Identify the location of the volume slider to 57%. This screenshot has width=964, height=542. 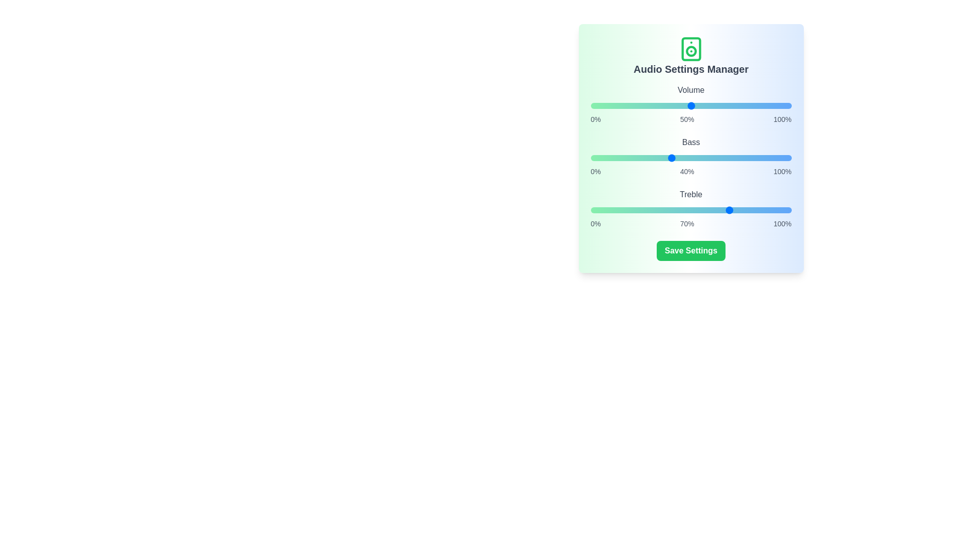
(704, 106).